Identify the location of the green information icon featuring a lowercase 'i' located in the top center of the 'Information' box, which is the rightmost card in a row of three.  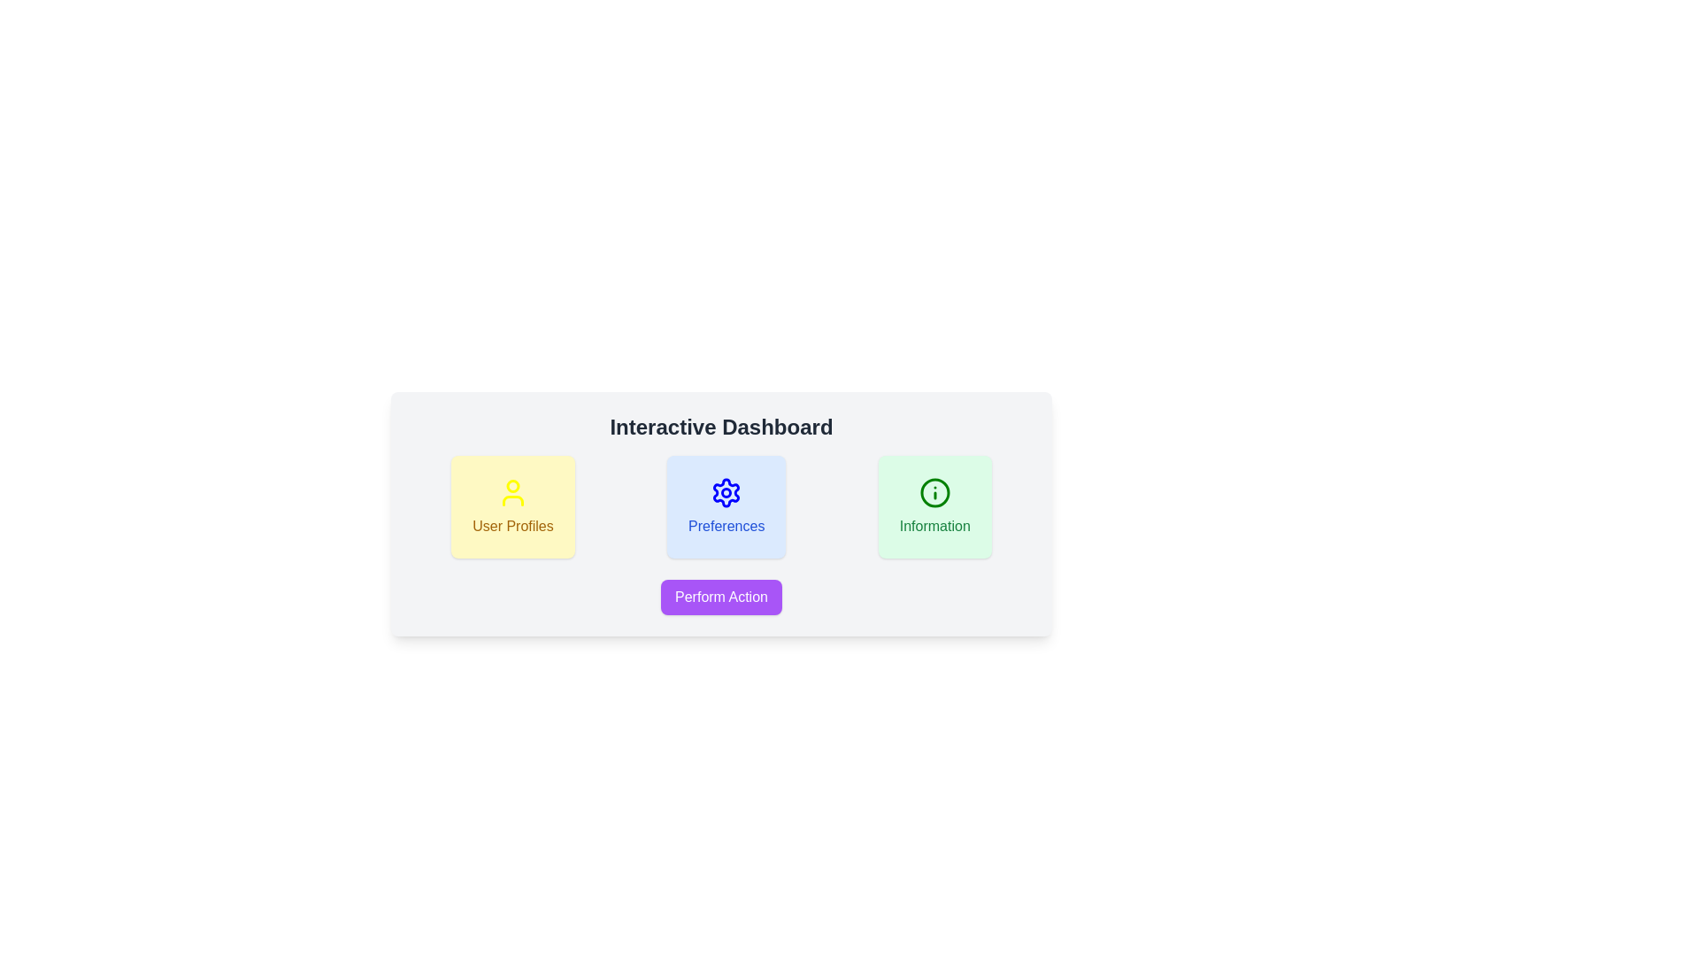
(934, 492).